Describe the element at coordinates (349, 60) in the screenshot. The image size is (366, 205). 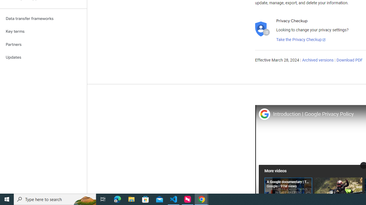
I see `'Download PDF'` at that location.